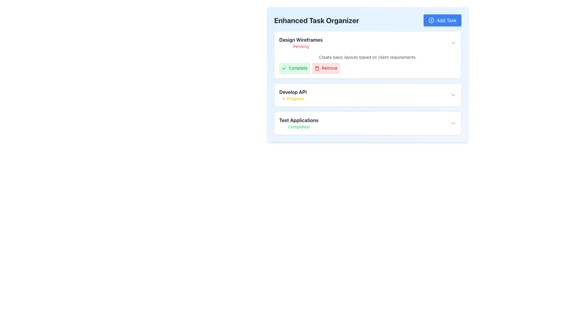  What do you see at coordinates (453, 123) in the screenshot?
I see `the toggle chevron icon for the 'Test Applications' item to change its color` at bounding box center [453, 123].